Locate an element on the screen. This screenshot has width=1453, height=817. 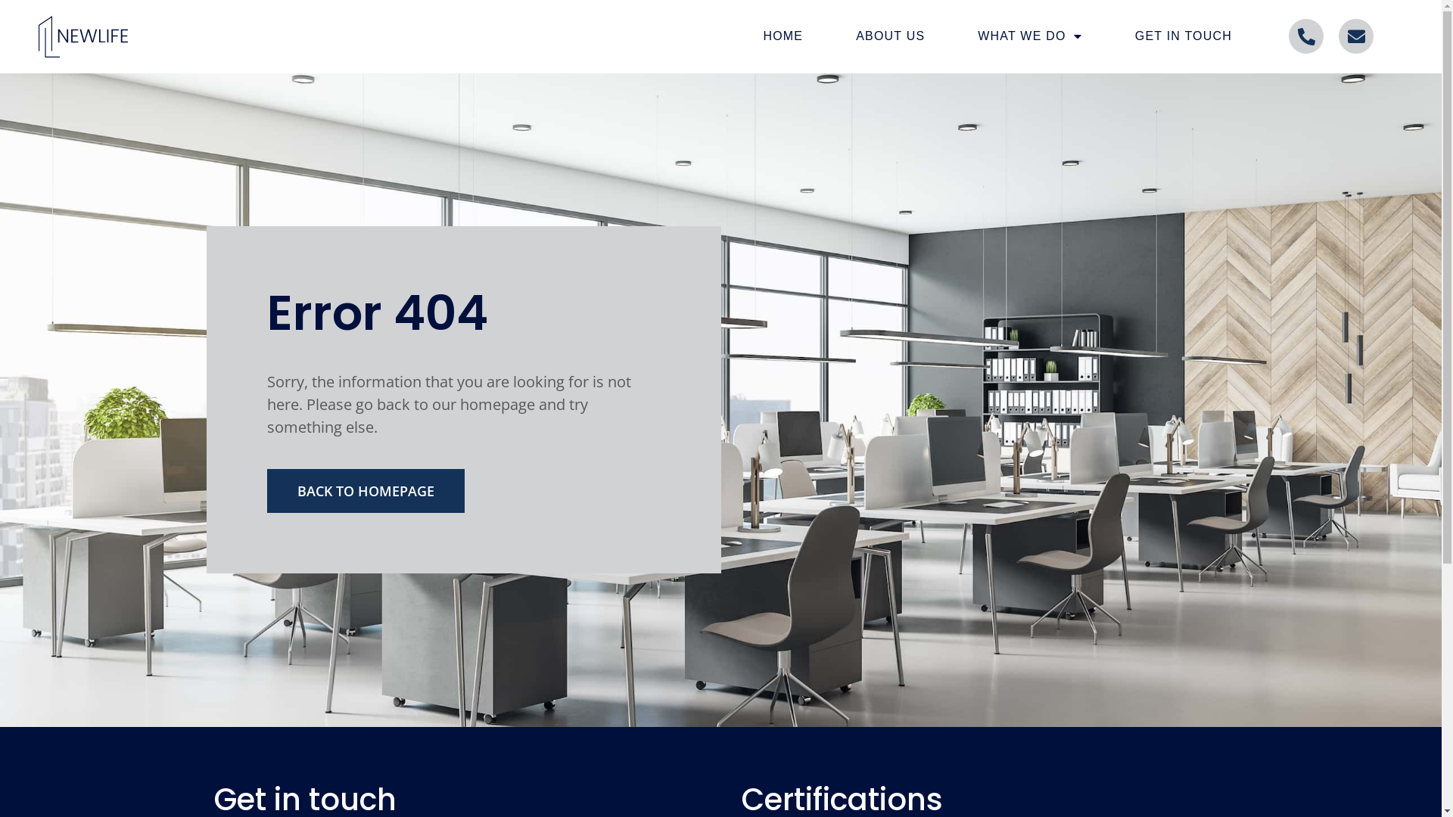
'BACK TO HOMEPAGE' is located at coordinates (365, 490).